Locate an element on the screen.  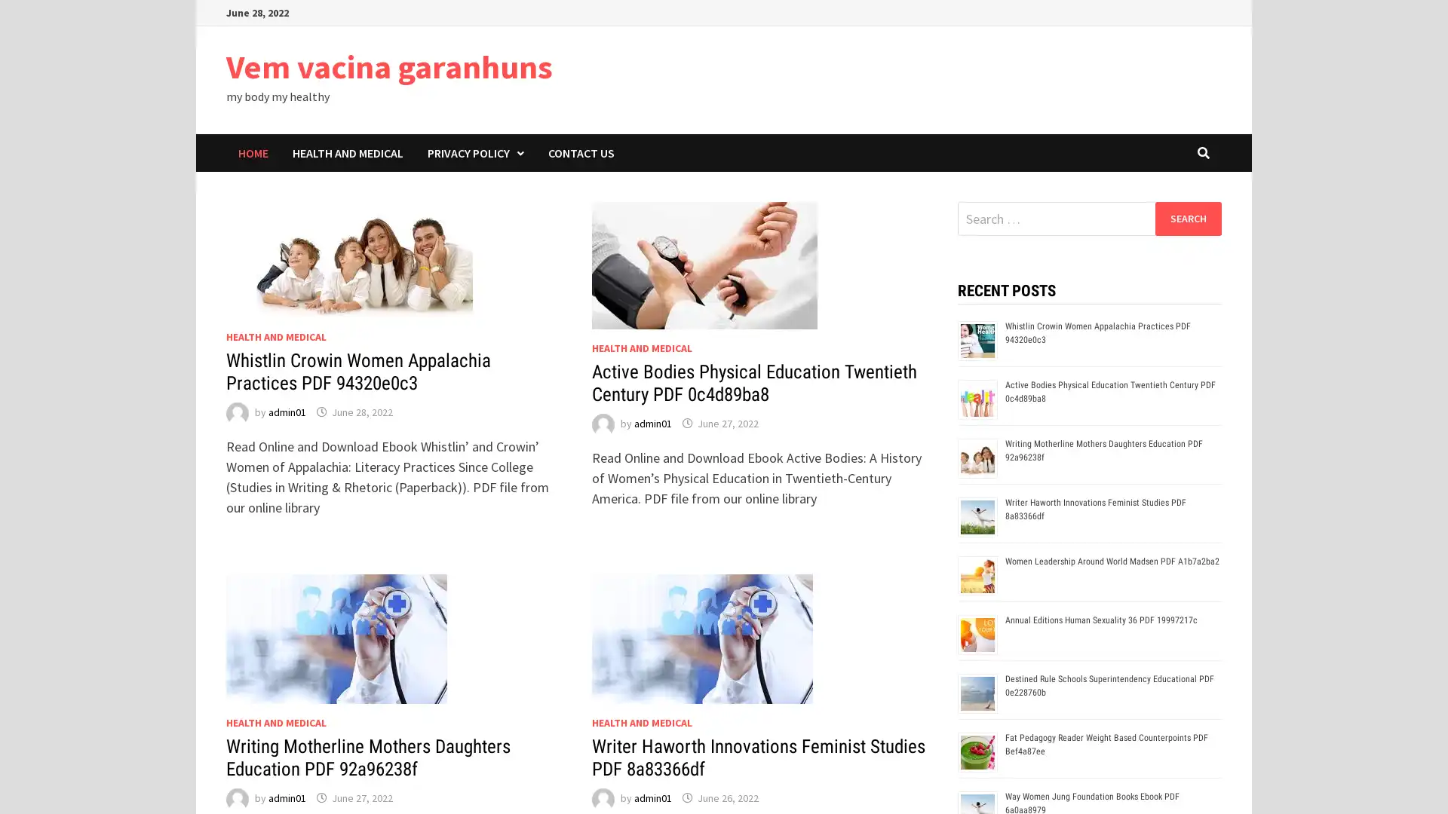
Search is located at coordinates (1187, 218).